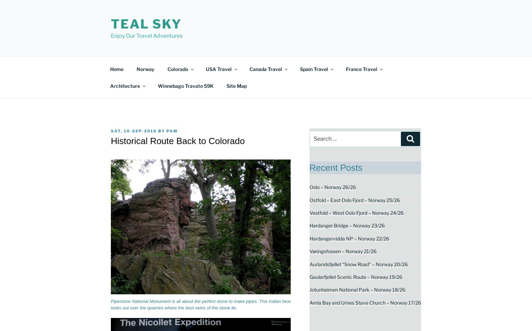 This screenshot has width=532, height=331. What do you see at coordinates (200, 304) in the screenshot?
I see `'Pipestone National Monument is all about the perfect stone to make pipes. This Indian face looks out over the quarries where the best veins of the stone lie.'` at bounding box center [200, 304].